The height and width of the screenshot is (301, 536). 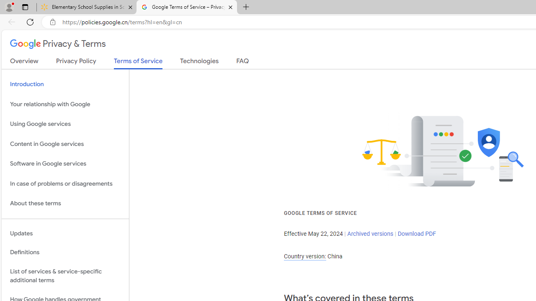 What do you see at coordinates (65, 183) in the screenshot?
I see `'In case of problems or disagreements'` at bounding box center [65, 183].